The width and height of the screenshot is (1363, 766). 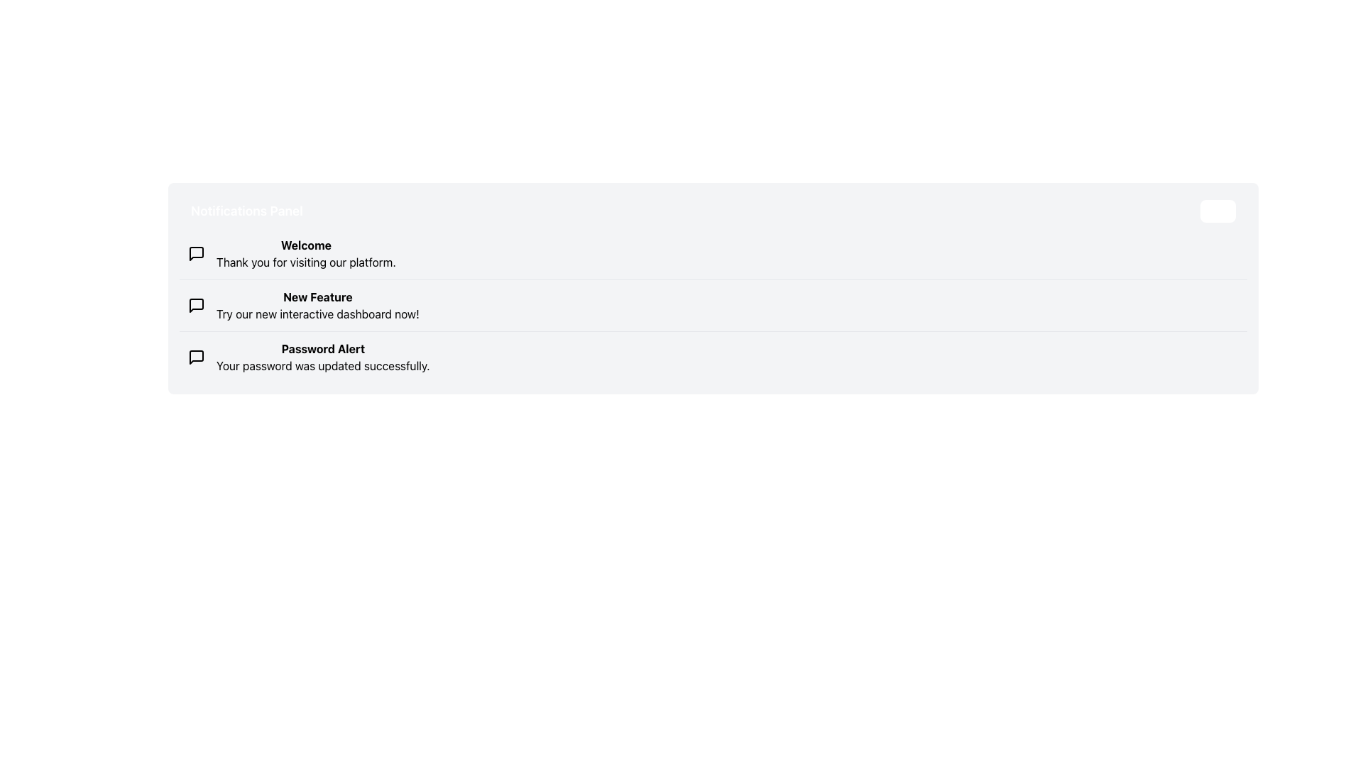 I want to click on the 'Password Alert' notification title, which is displayed in bold font at the top of the notification message indicating a successful password update, so click(x=322, y=349).